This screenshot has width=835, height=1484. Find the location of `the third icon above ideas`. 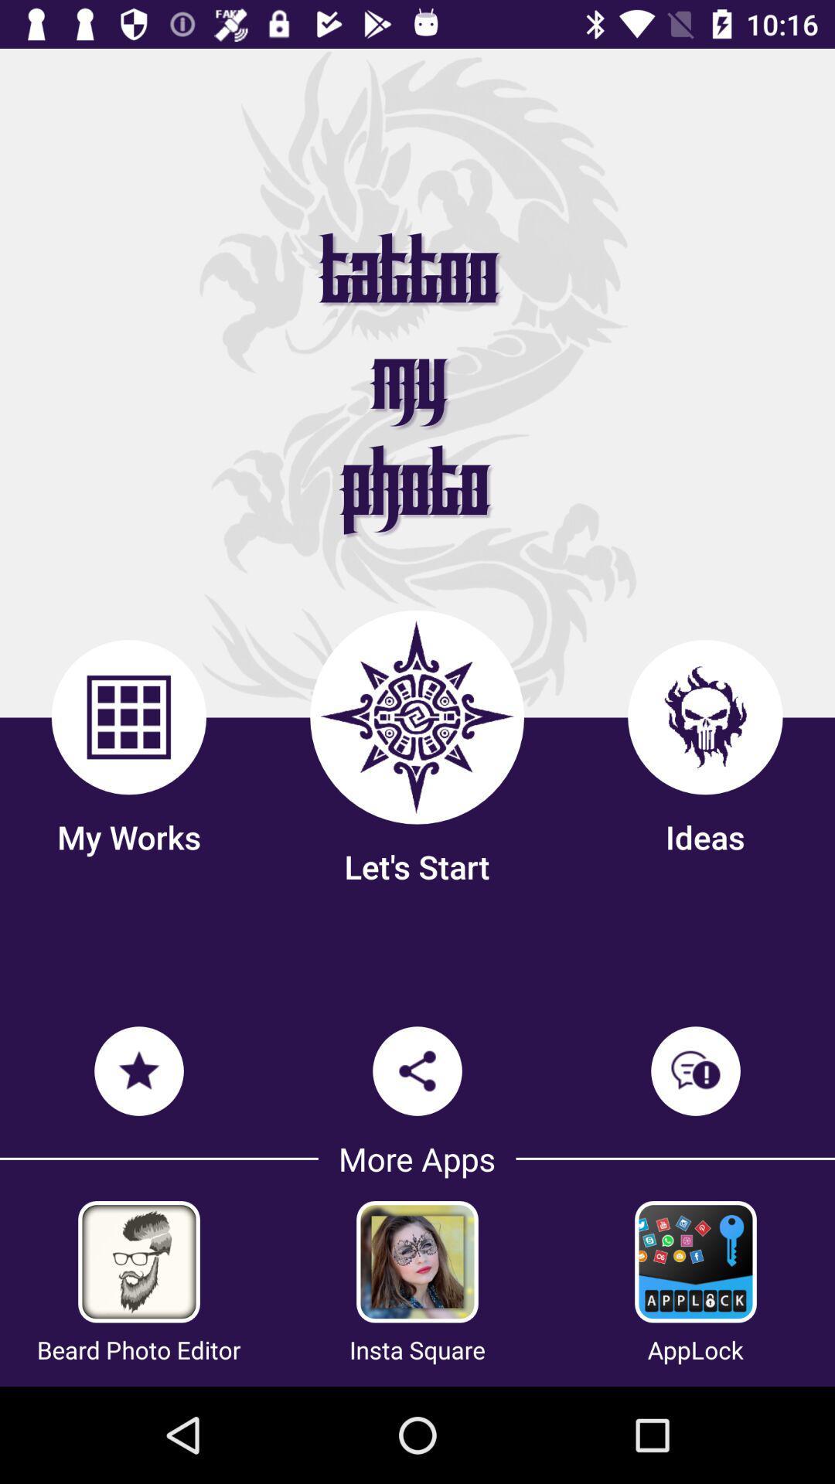

the third icon above ideas is located at coordinates (705, 716).